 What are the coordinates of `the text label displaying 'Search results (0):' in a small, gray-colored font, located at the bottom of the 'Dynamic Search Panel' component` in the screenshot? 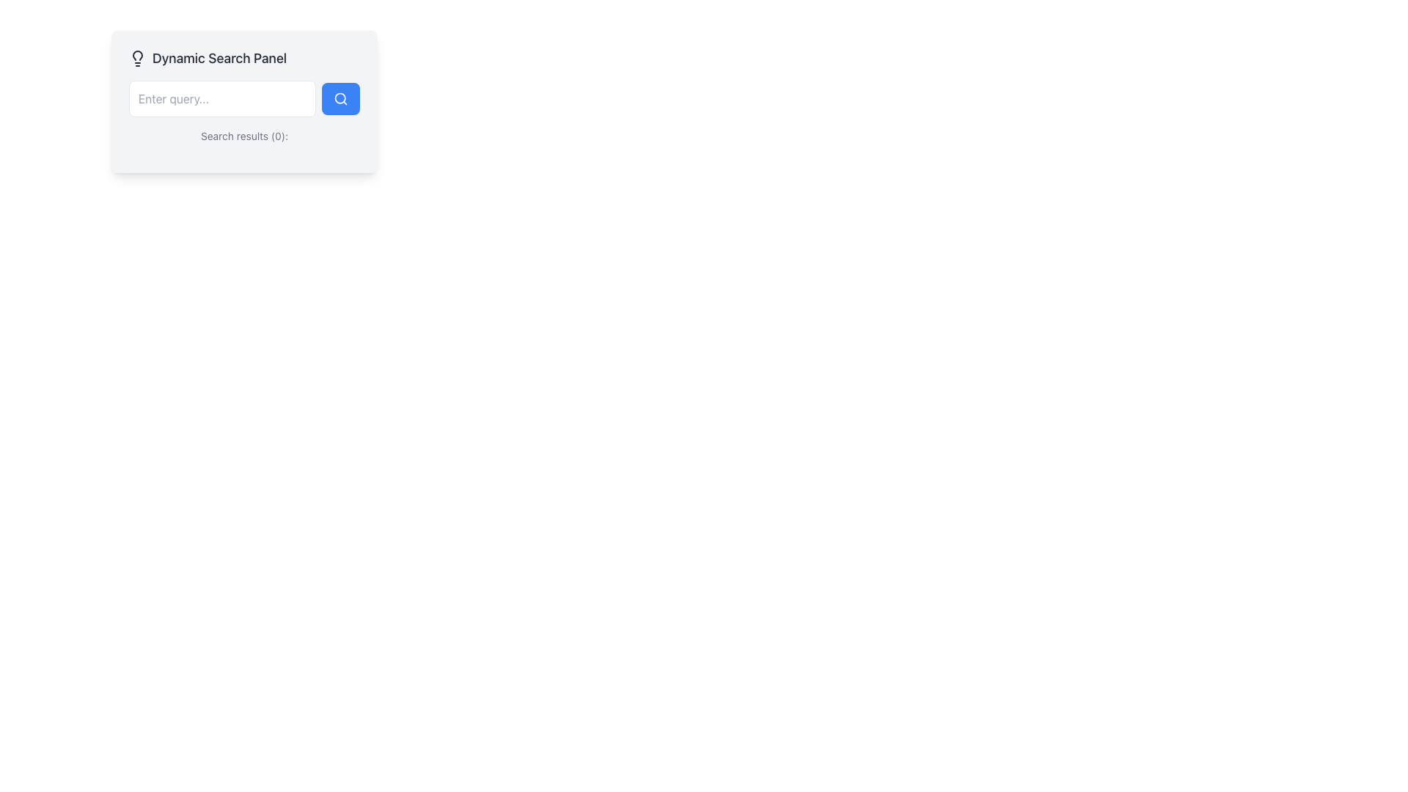 It's located at (244, 136).